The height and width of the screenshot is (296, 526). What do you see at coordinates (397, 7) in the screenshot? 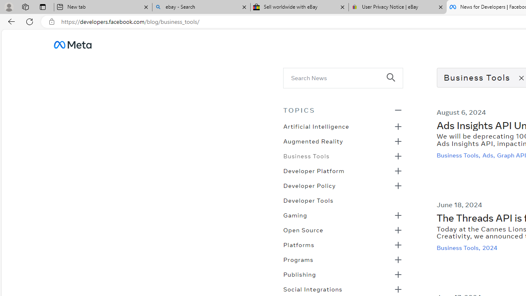
I see `'User Privacy Notice | eBay'` at bounding box center [397, 7].